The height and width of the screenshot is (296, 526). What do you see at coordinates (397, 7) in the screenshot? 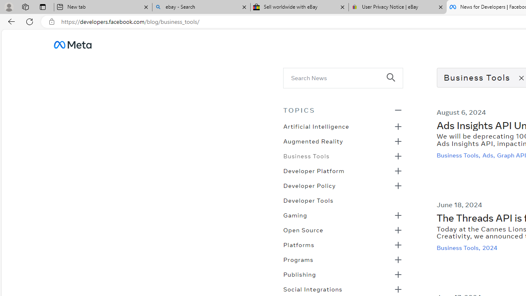
I see `'User Privacy Notice | eBay'` at bounding box center [397, 7].